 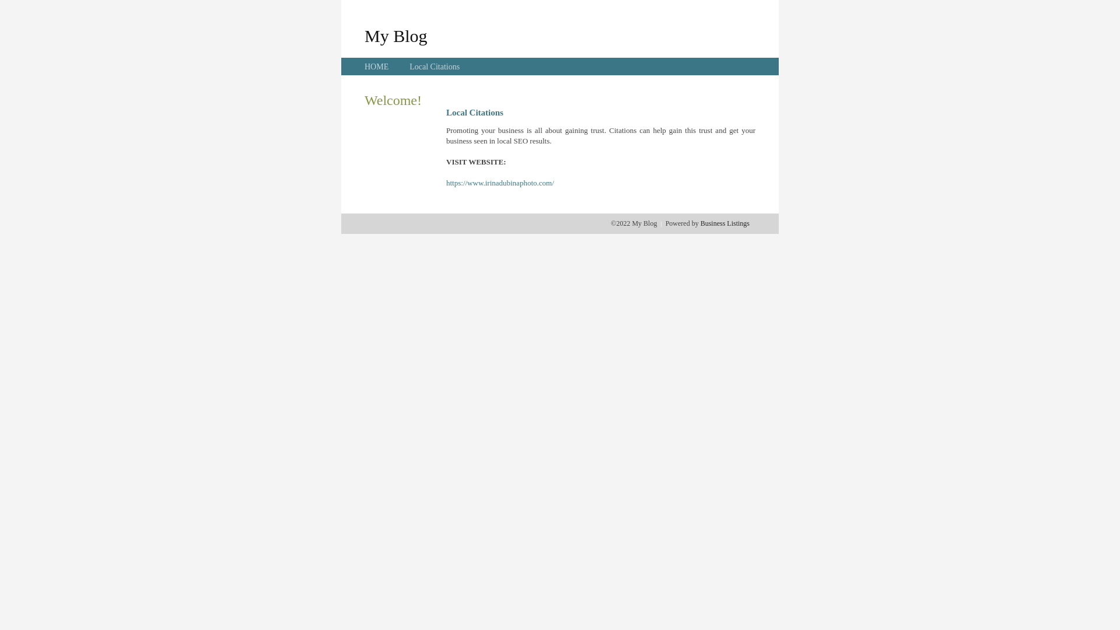 What do you see at coordinates (376, 66) in the screenshot?
I see `'HOME'` at bounding box center [376, 66].